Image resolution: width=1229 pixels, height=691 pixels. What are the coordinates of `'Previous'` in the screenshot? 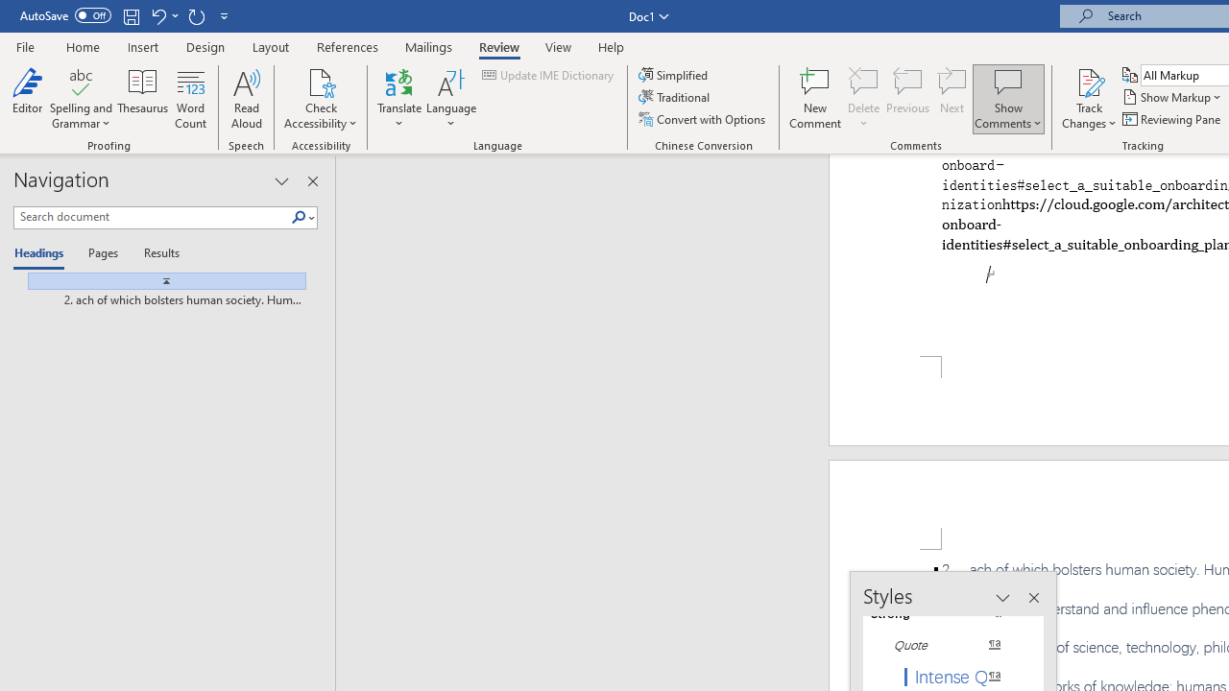 It's located at (907, 99).